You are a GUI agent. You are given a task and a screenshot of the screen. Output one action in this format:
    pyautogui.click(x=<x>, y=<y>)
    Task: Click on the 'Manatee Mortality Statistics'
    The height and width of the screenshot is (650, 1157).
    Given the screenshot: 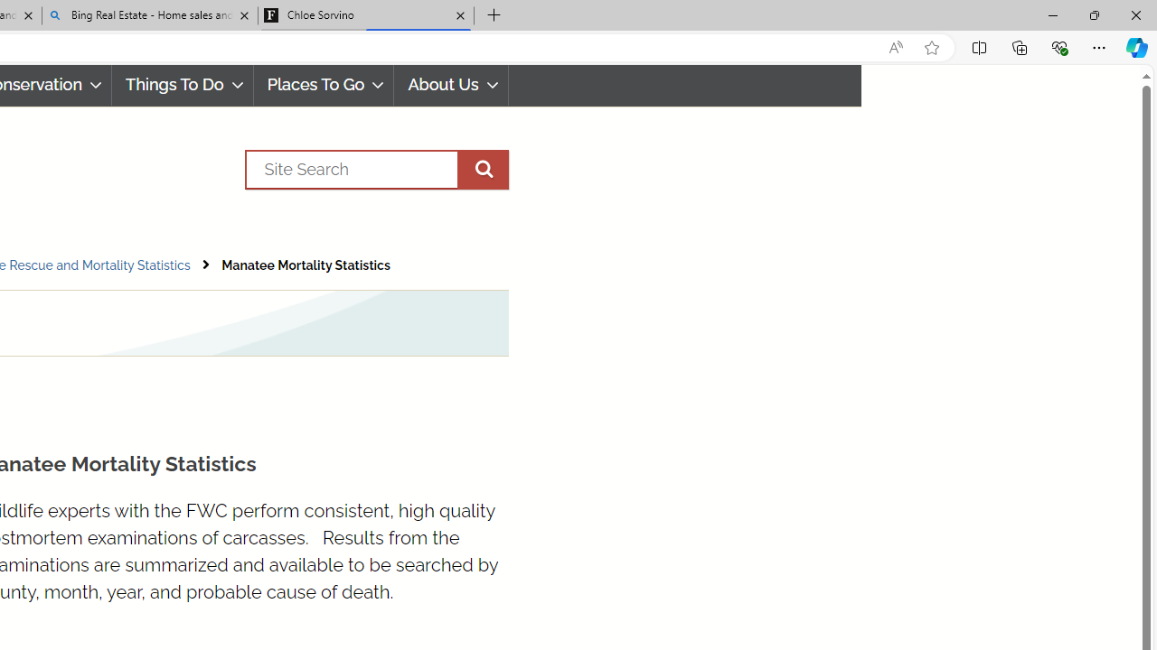 What is the action you would take?
    pyautogui.click(x=306, y=265)
    